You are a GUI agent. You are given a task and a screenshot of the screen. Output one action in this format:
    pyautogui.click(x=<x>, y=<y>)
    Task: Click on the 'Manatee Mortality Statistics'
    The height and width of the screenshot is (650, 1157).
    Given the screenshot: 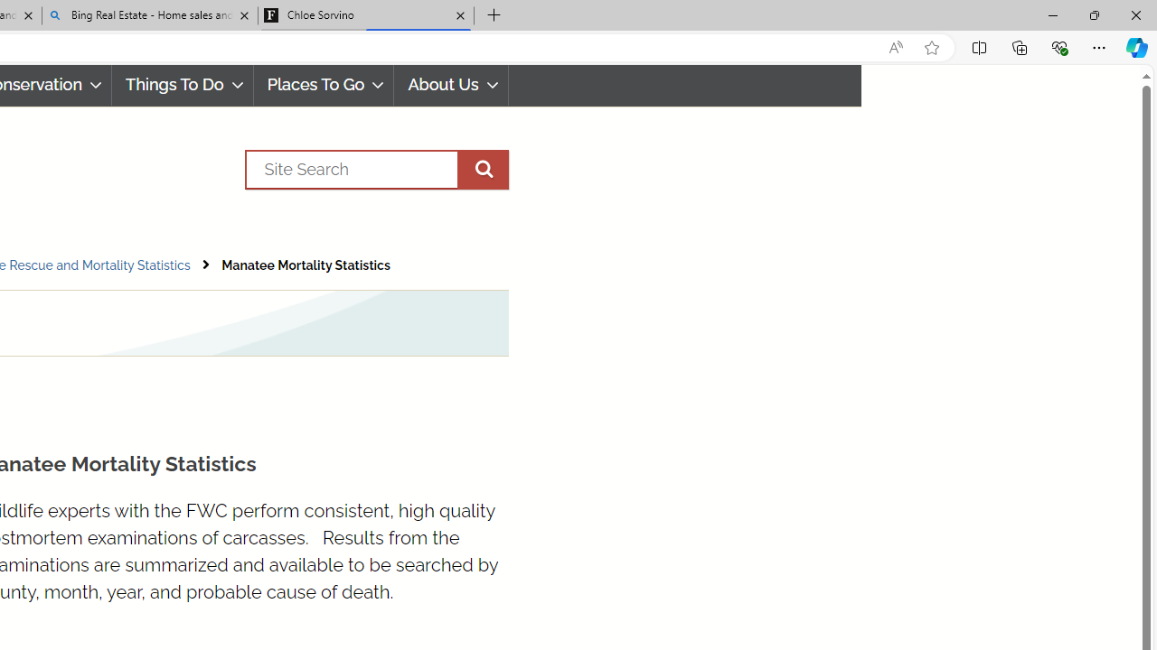 What is the action you would take?
    pyautogui.click(x=306, y=265)
    